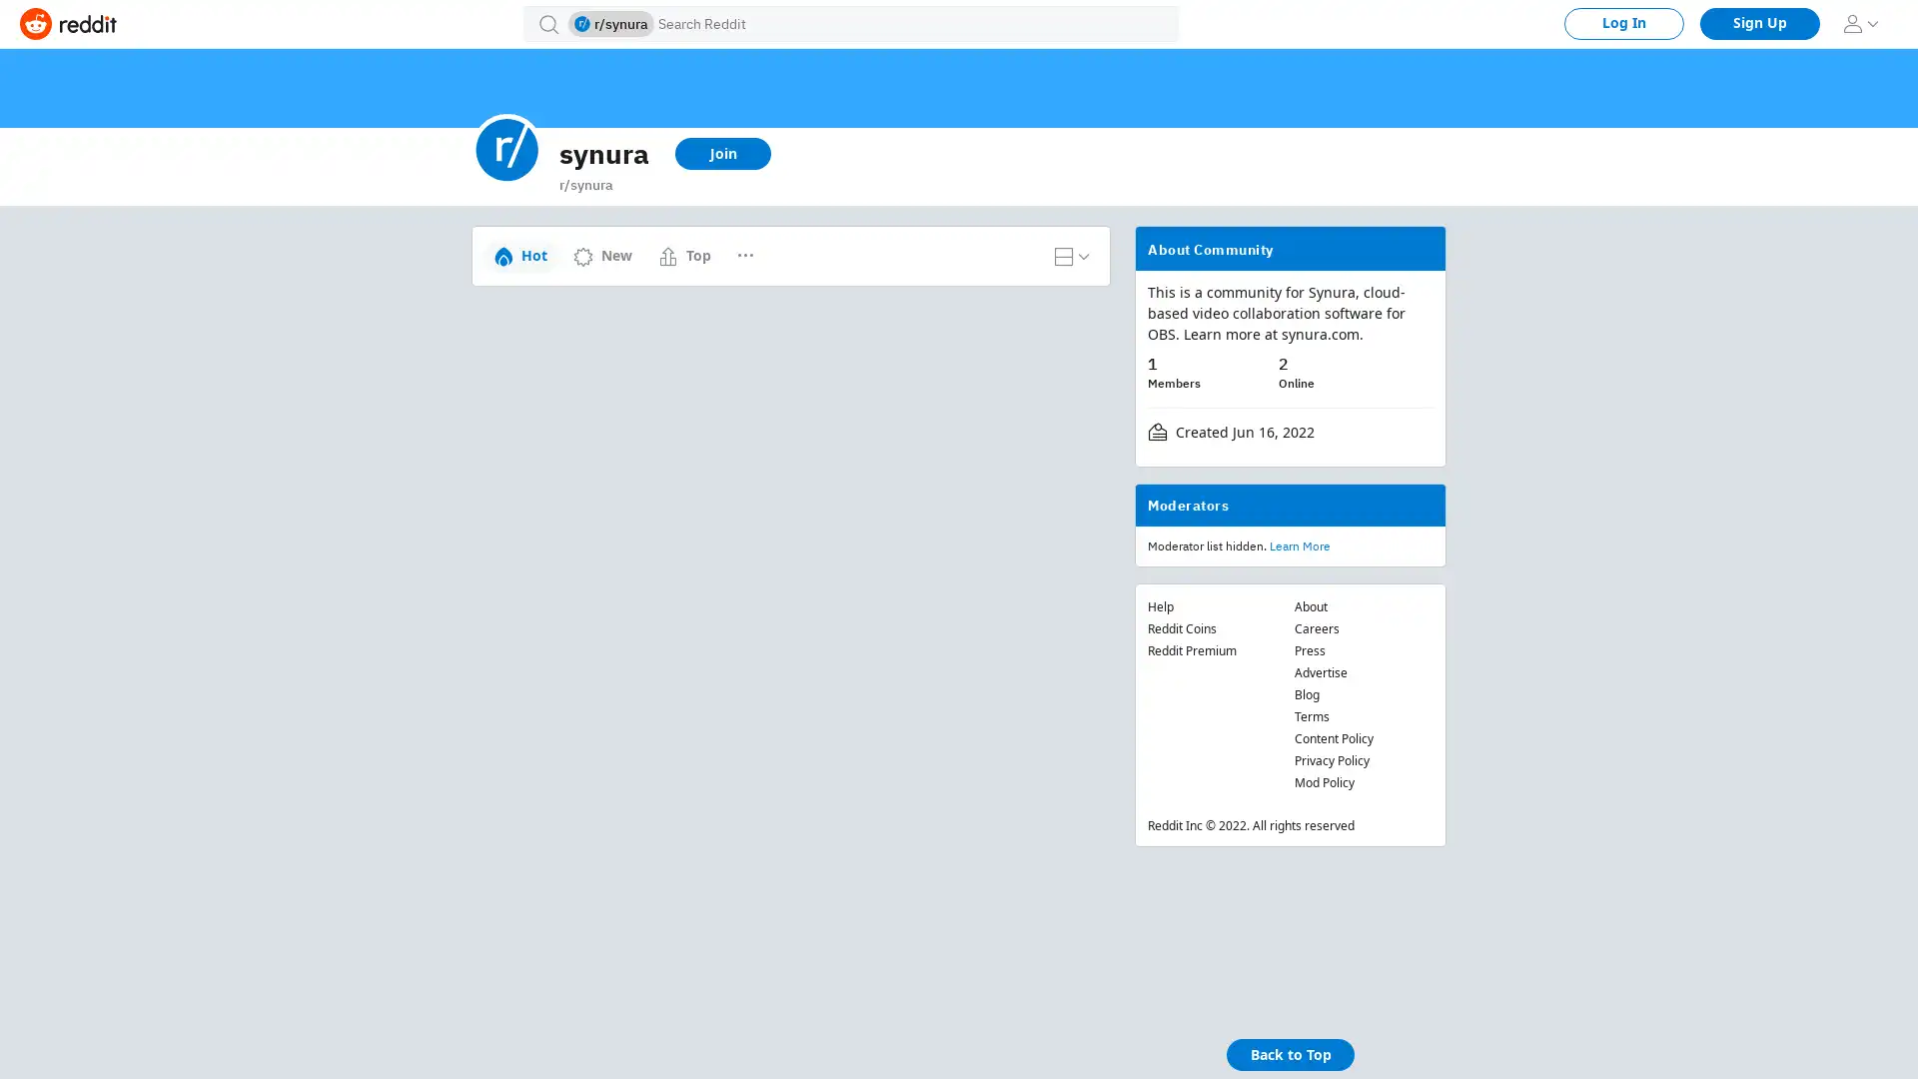 Image resolution: width=1918 pixels, height=1079 pixels. What do you see at coordinates (722, 153) in the screenshot?
I see `Join` at bounding box center [722, 153].